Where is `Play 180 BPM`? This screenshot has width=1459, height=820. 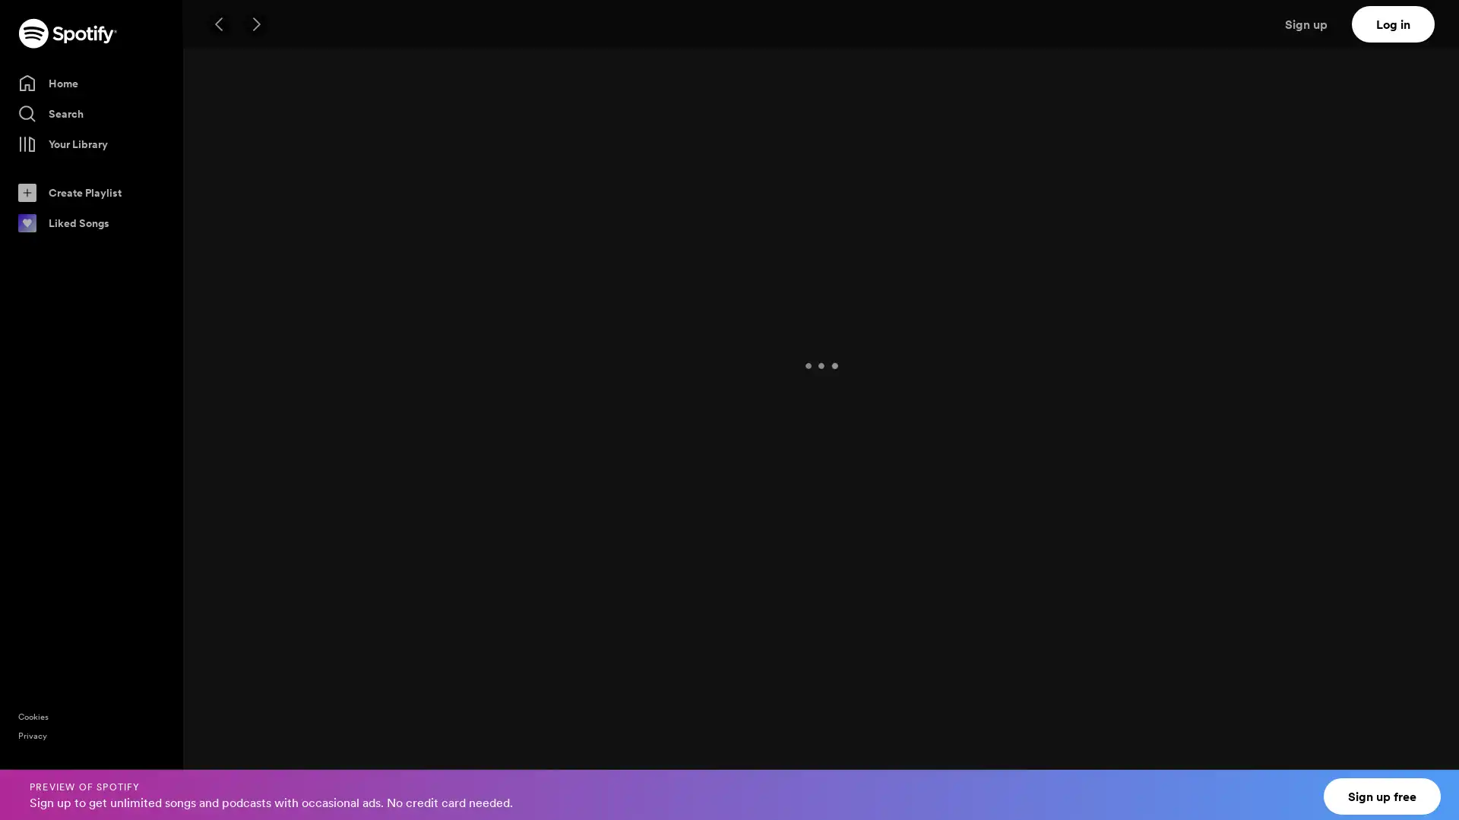
Play 180 BPM is located at coordinates (462, 462).